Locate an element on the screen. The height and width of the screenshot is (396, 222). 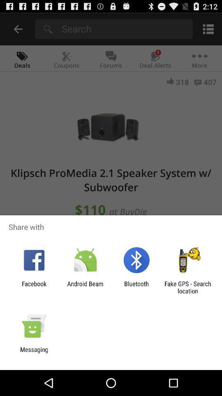
icon to the left of android beam app is located at coordinates (34, 287).